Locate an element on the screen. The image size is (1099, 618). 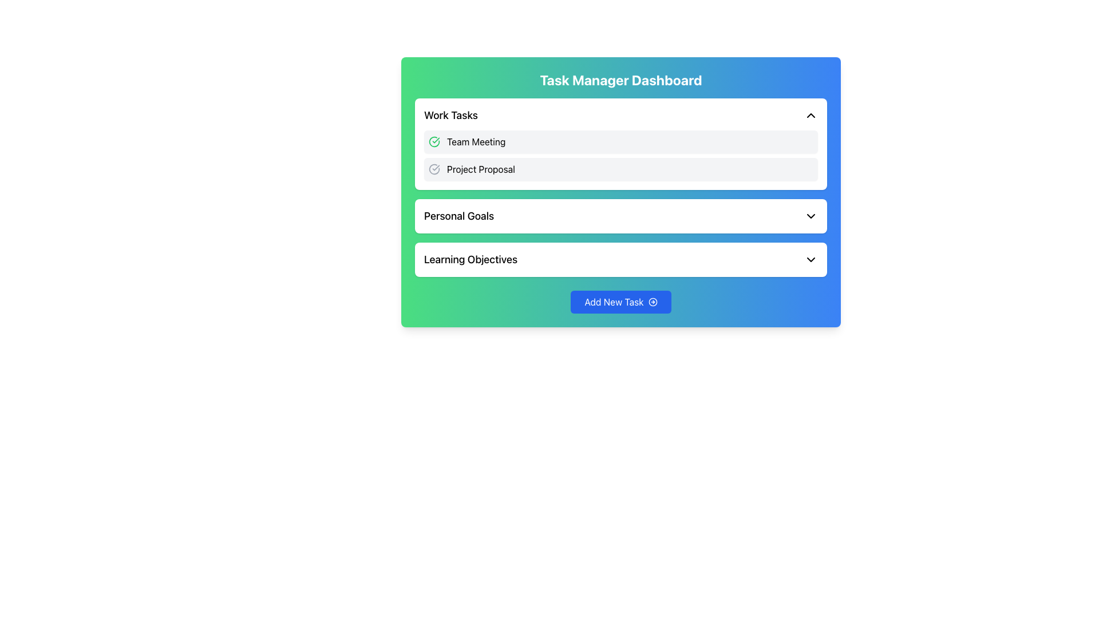
the toggle icon located to the far right of the 'Learning Objectives' row is located at coordinates (810, 260).